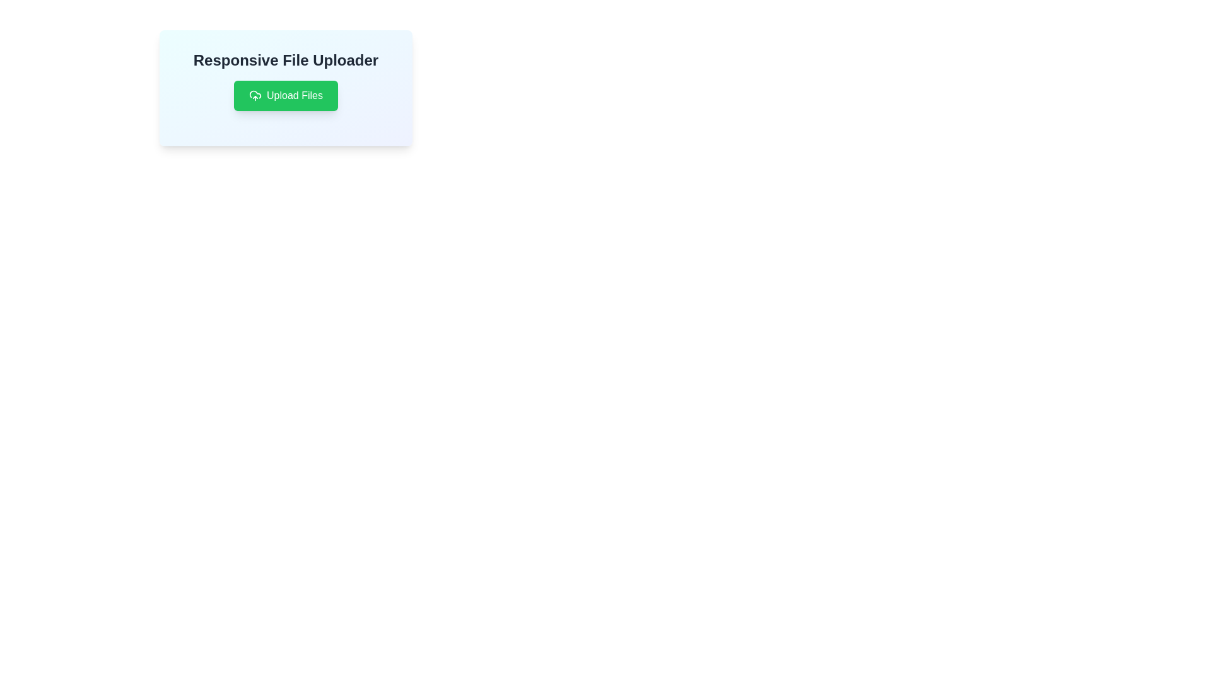  Describe the element at coordinates (285, 95) in the screenshot. I see `the green 'Upload Files' button with a cloud upload icon` at that location.